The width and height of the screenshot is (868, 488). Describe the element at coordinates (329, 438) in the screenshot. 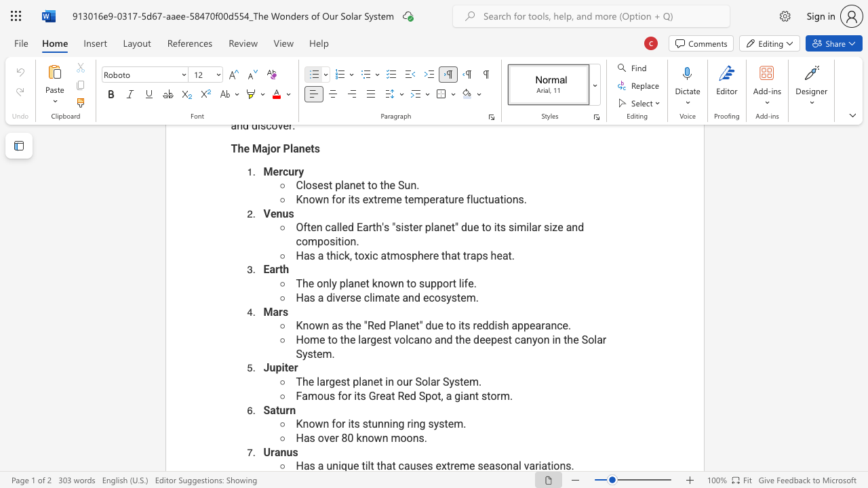

I see `the space between the continuous character "v" and "e" in the text` at that location.